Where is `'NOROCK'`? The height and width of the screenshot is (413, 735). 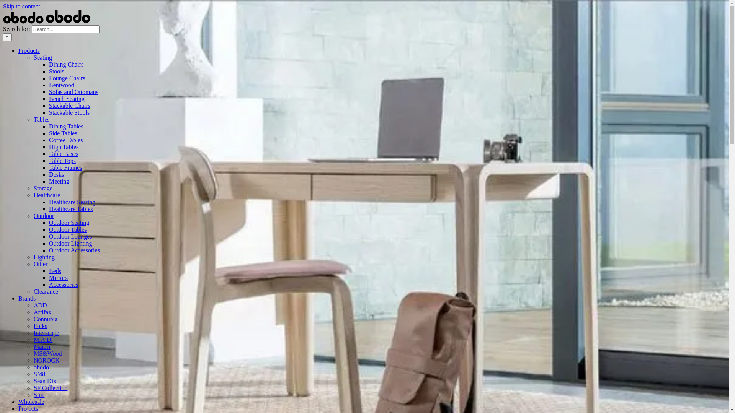
'NOROCK' is located at coordinates (46, 360).